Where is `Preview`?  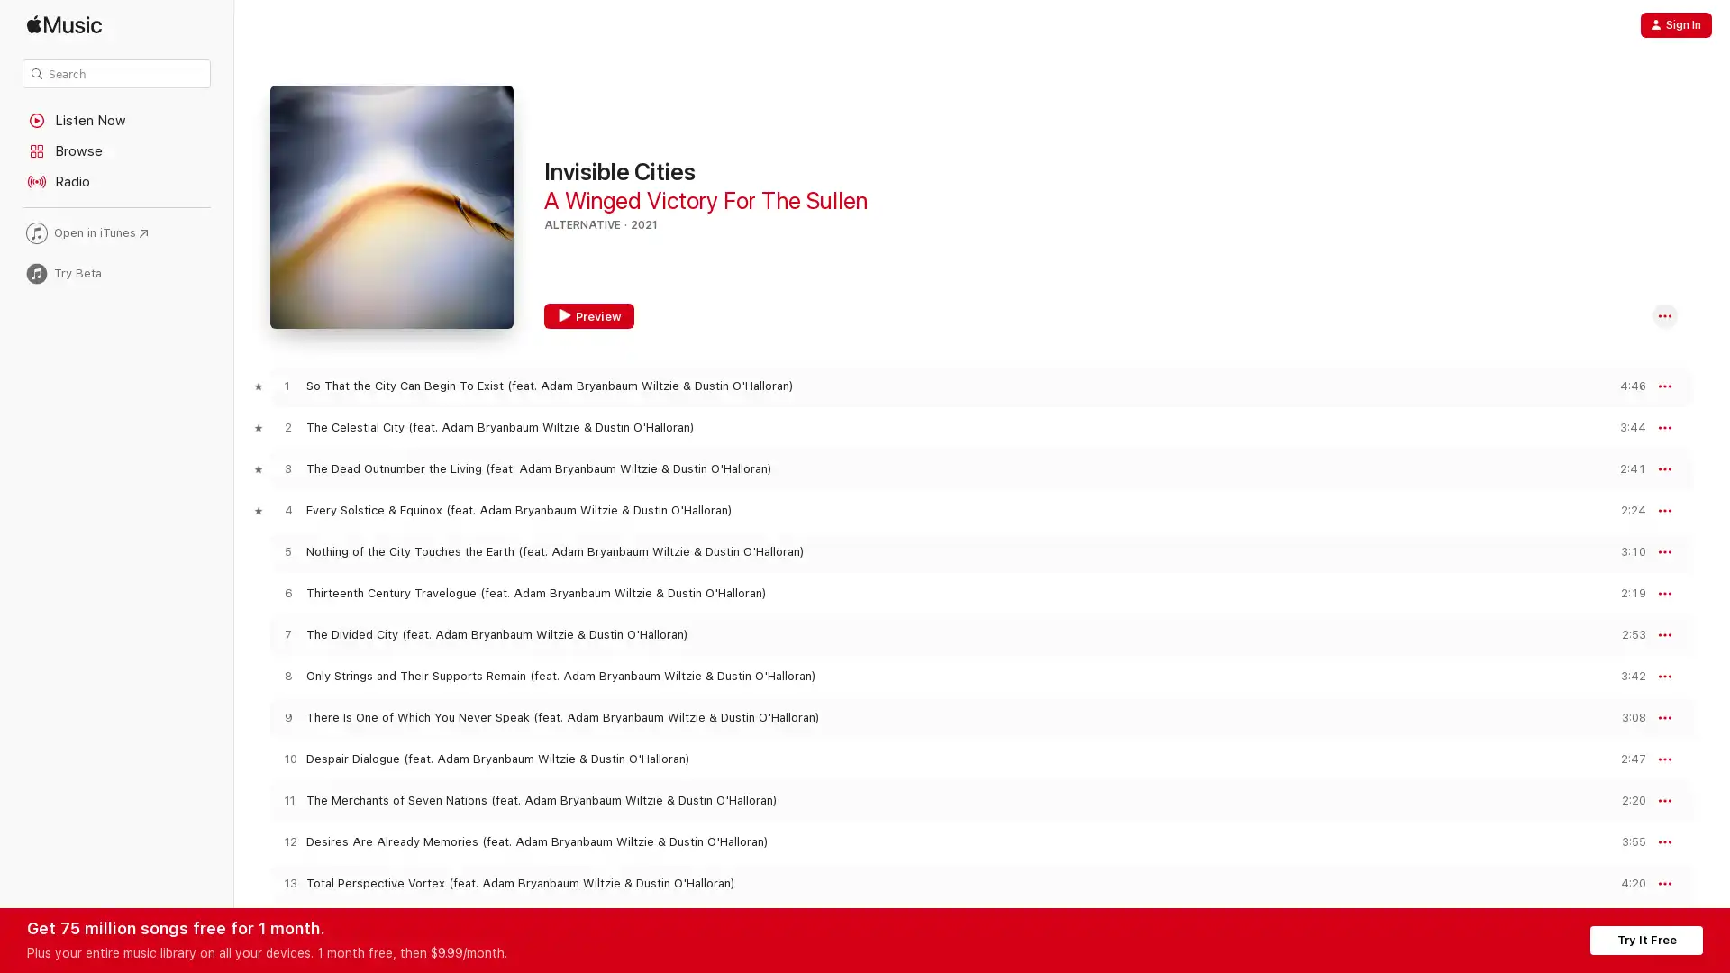
Preview is located at coordinates (1625, 759).